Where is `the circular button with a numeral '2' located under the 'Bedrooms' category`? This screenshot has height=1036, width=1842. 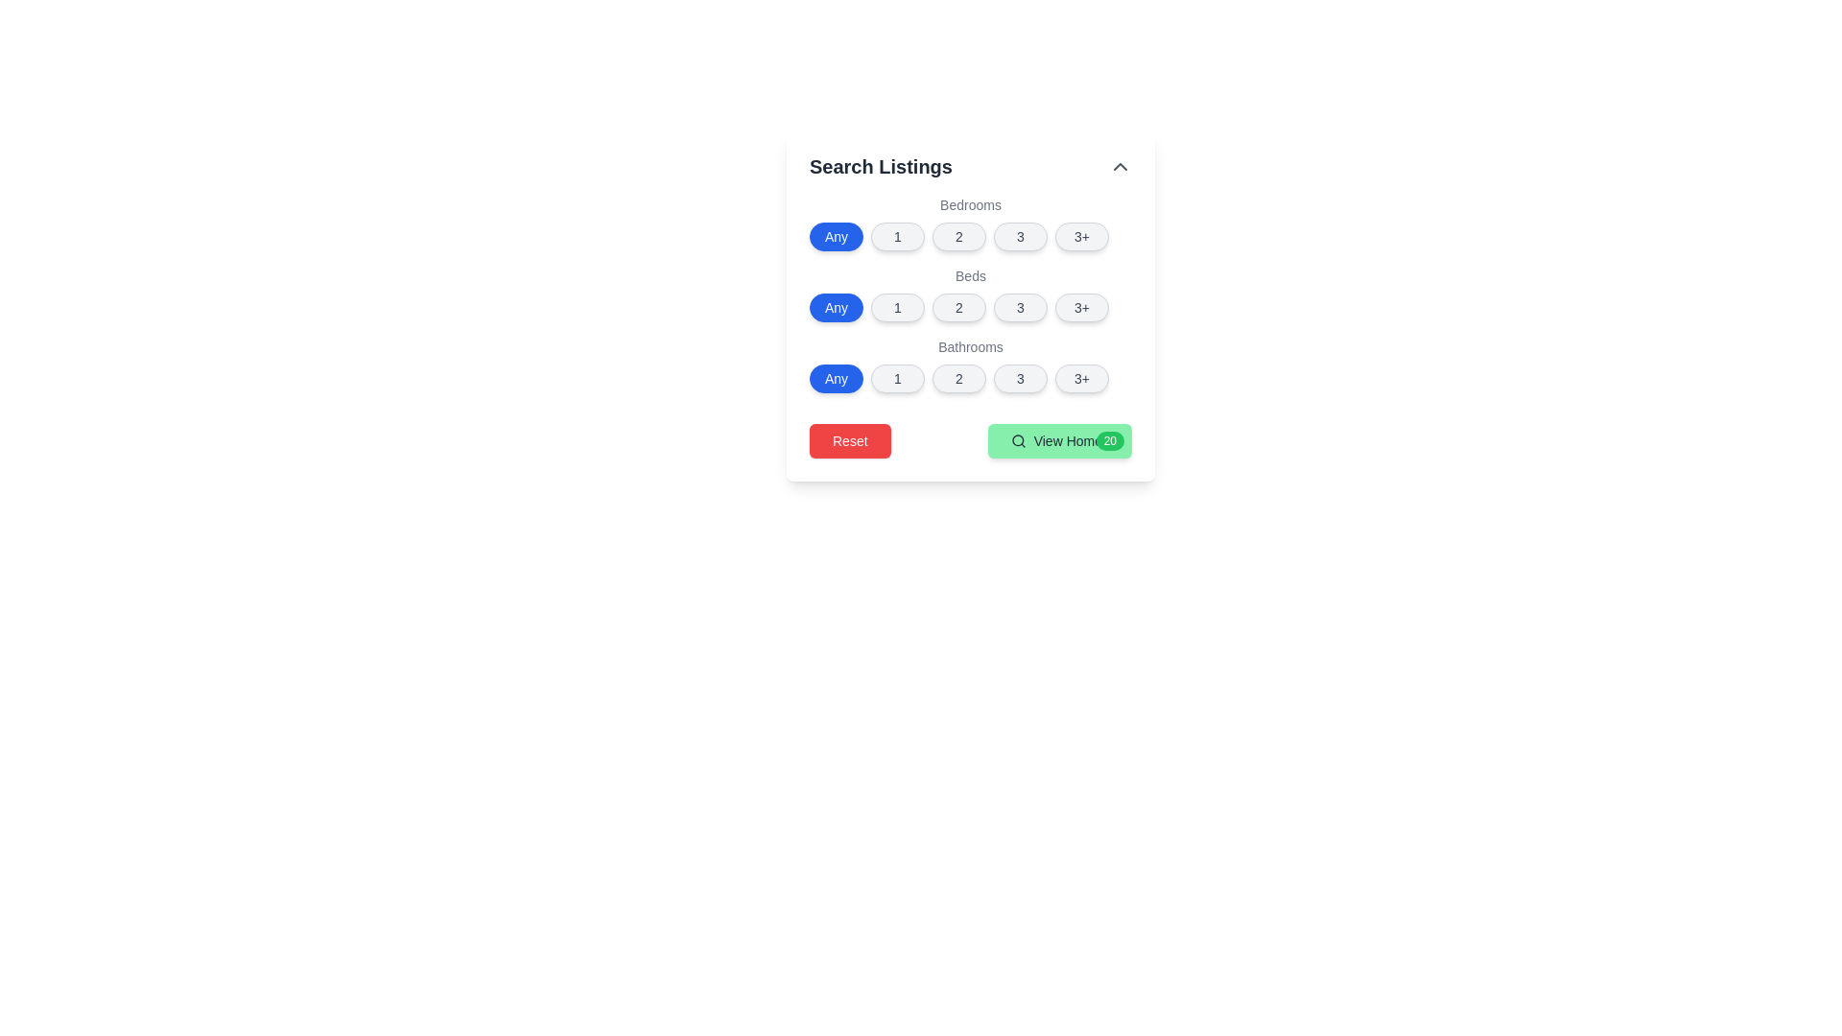 the circular button with a numeral '2' located under the 'Bedrooms' category is located at coordinates (971, 235).